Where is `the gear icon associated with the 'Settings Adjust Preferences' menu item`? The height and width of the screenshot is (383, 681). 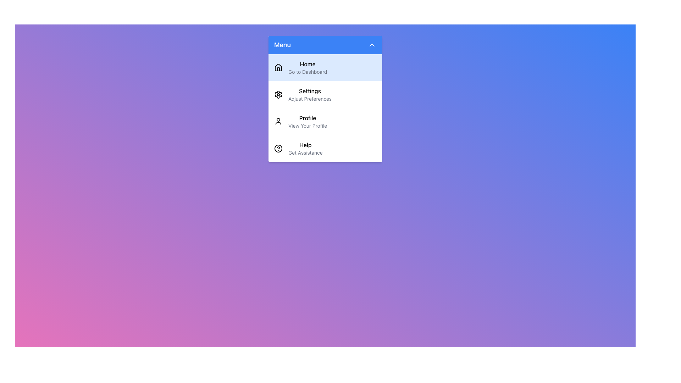 the gear icon associated with the 'Settings Adjust Preferences' menu item is located at coordinates (278, 94).